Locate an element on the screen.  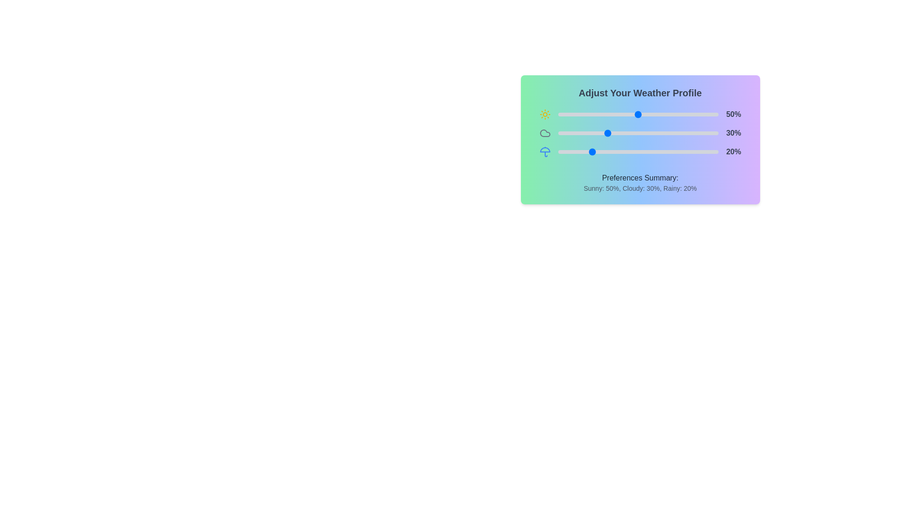
the 'Cloudy' slider to 42% is located at coordinates (626, 133).